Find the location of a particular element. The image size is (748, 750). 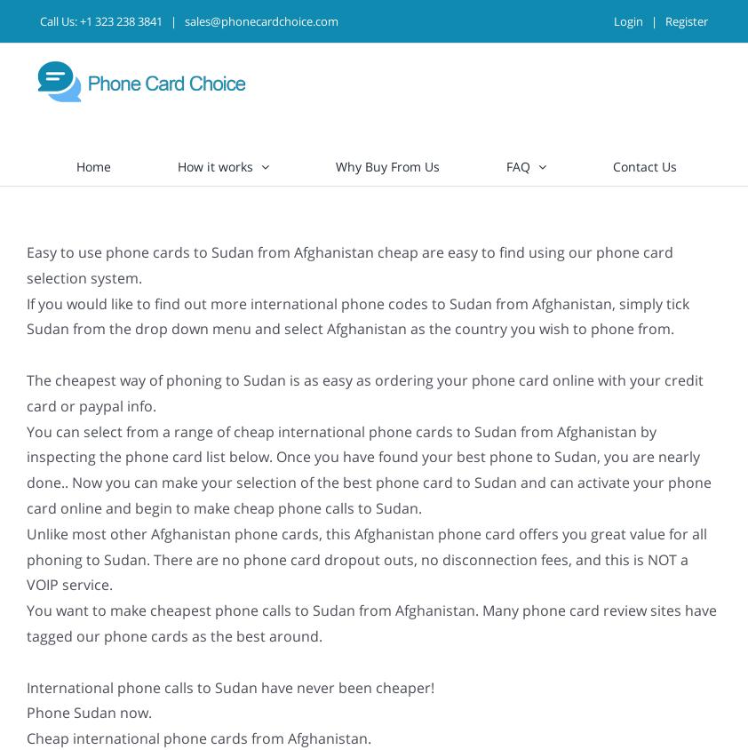

'Lost PIN' is located at coordinates (525, 297).